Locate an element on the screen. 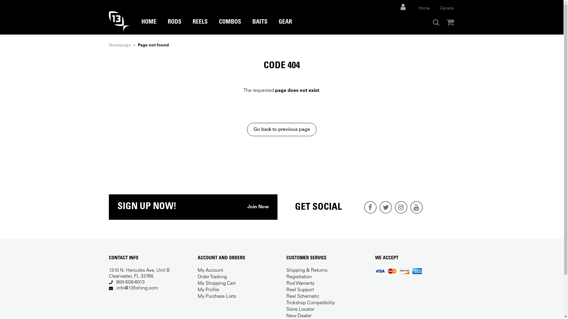  'Home' is located at coordinates (424, 9).